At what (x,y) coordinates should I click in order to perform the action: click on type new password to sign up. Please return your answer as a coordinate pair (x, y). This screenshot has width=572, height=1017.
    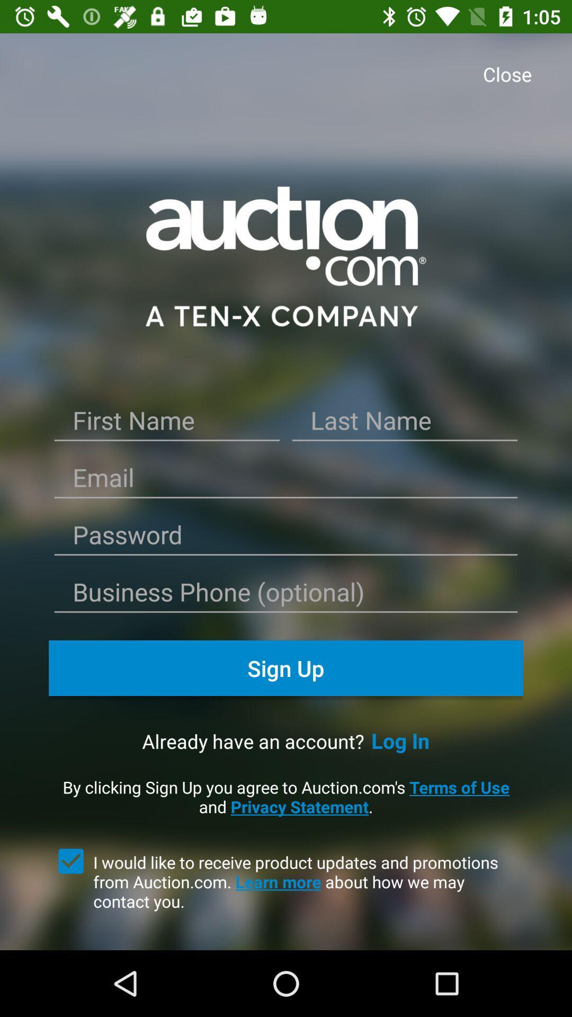
    Looking at the image, I should click on (286, 539).